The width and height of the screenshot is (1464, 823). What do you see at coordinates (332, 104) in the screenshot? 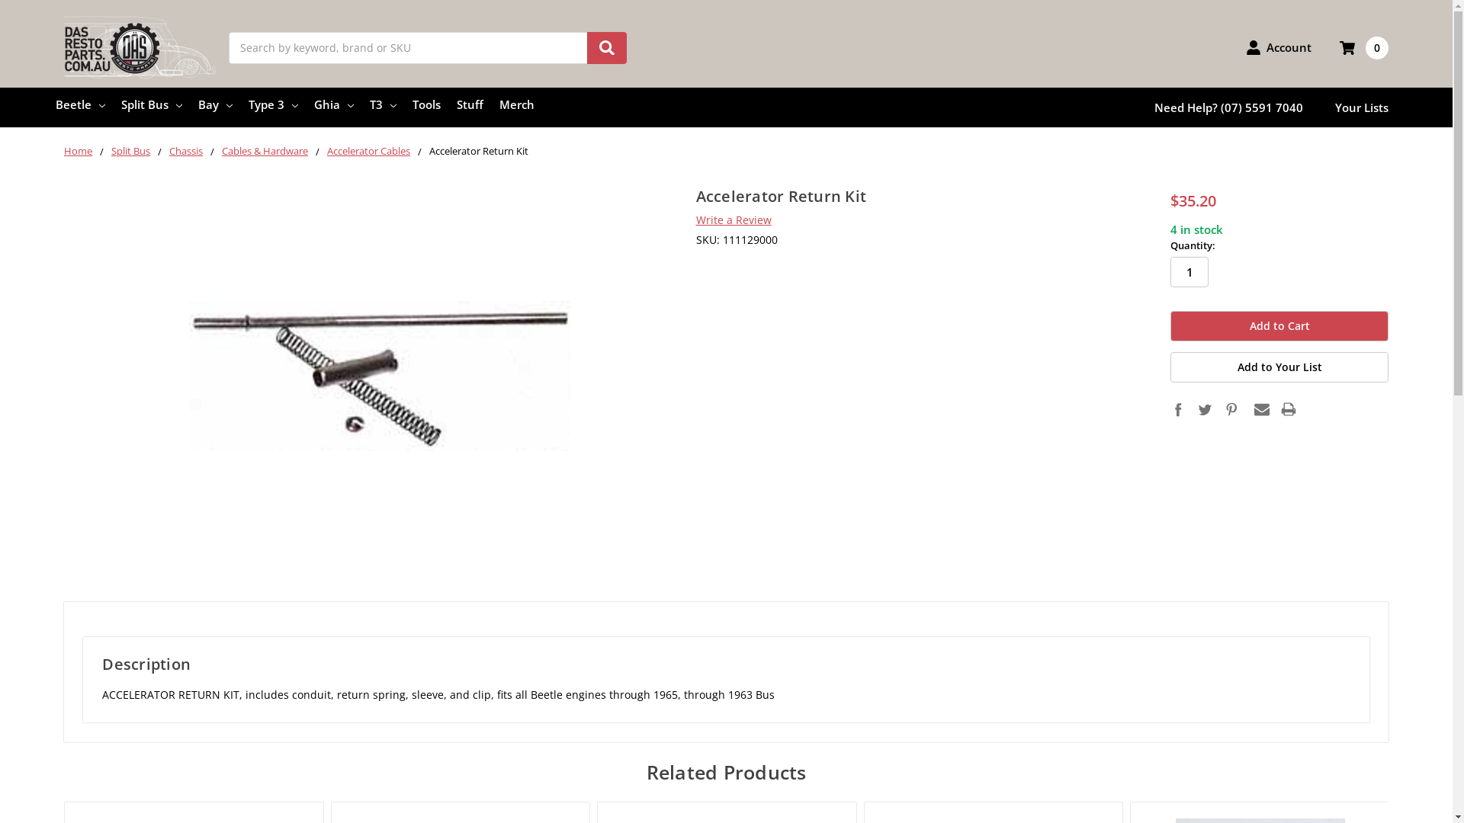
I see `'Ghia'` at bounding box center [332, 104].